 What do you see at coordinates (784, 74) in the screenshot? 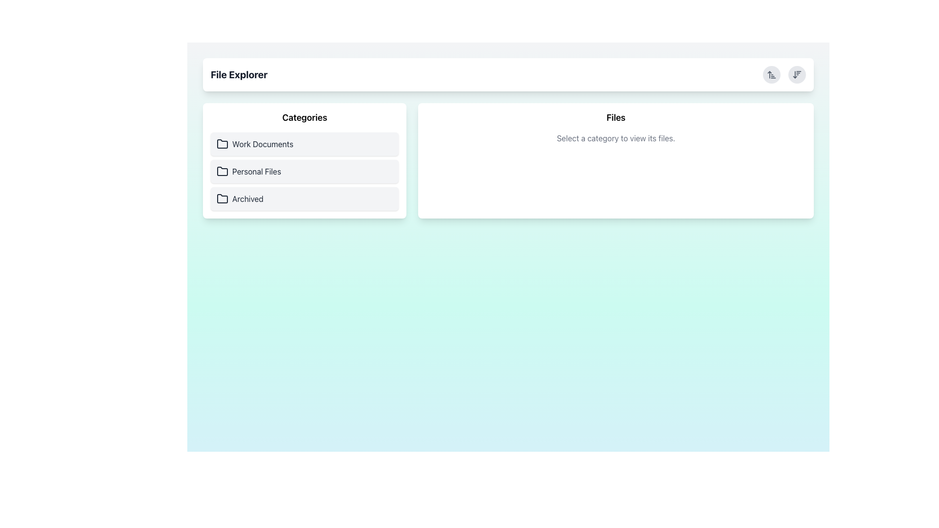
I see `the right button in the interactive button group for sorting functionality in the 'File Explorer'` at bounding box center [784, 74].